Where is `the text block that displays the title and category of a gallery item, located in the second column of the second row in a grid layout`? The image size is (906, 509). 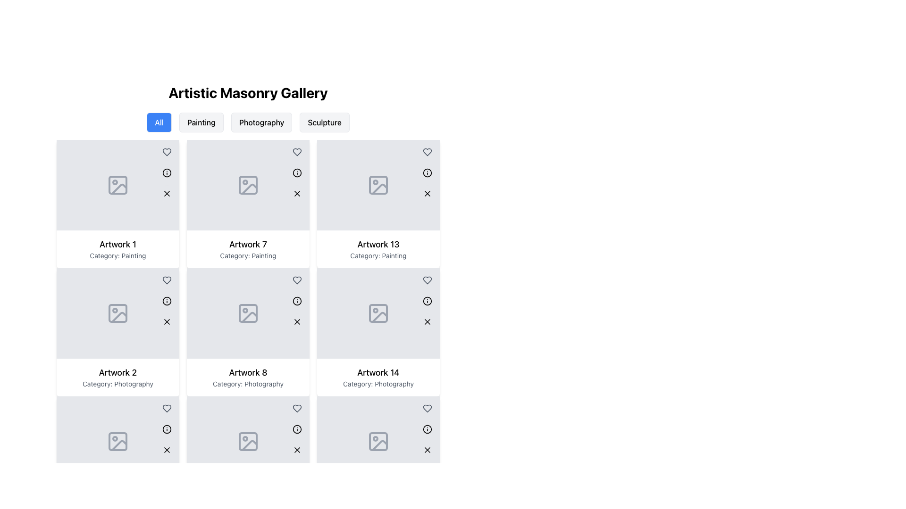
the text block that displays the title and category of a gallery item, located in the second column of the second row in a grid layout is located at coordinates (248, 377).